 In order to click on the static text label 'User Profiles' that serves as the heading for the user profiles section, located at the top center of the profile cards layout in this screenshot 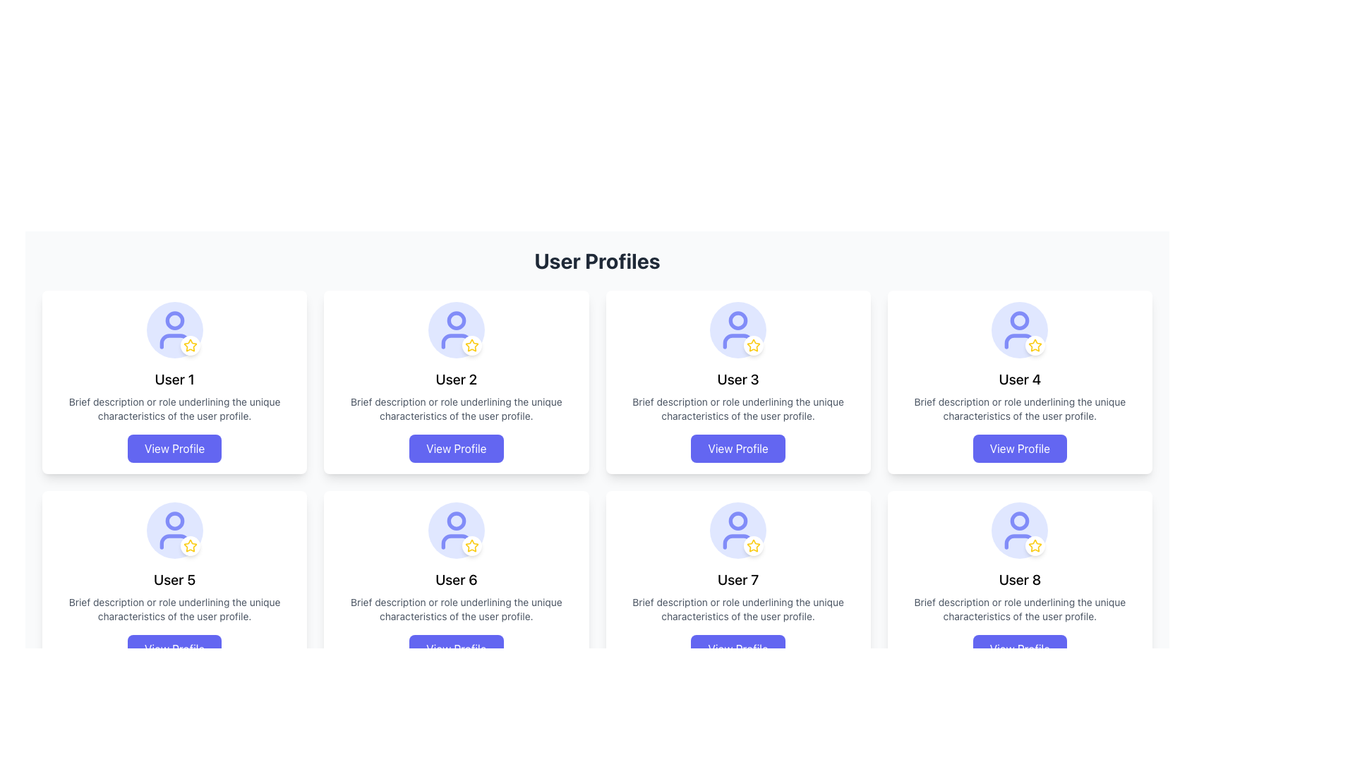, I will do `click(597, 261)`.